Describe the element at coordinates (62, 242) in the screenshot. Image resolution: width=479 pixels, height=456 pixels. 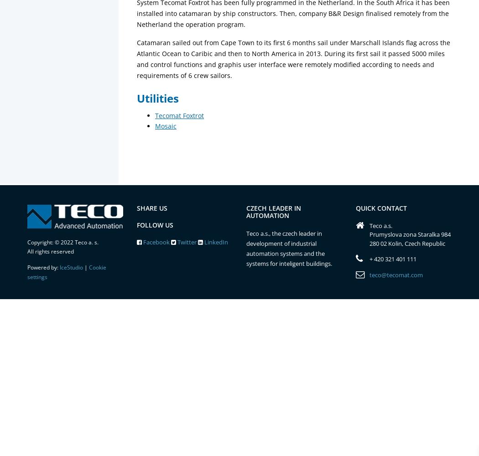
I see `'Copyright: © 2022 Teco a. s.'` at that location.